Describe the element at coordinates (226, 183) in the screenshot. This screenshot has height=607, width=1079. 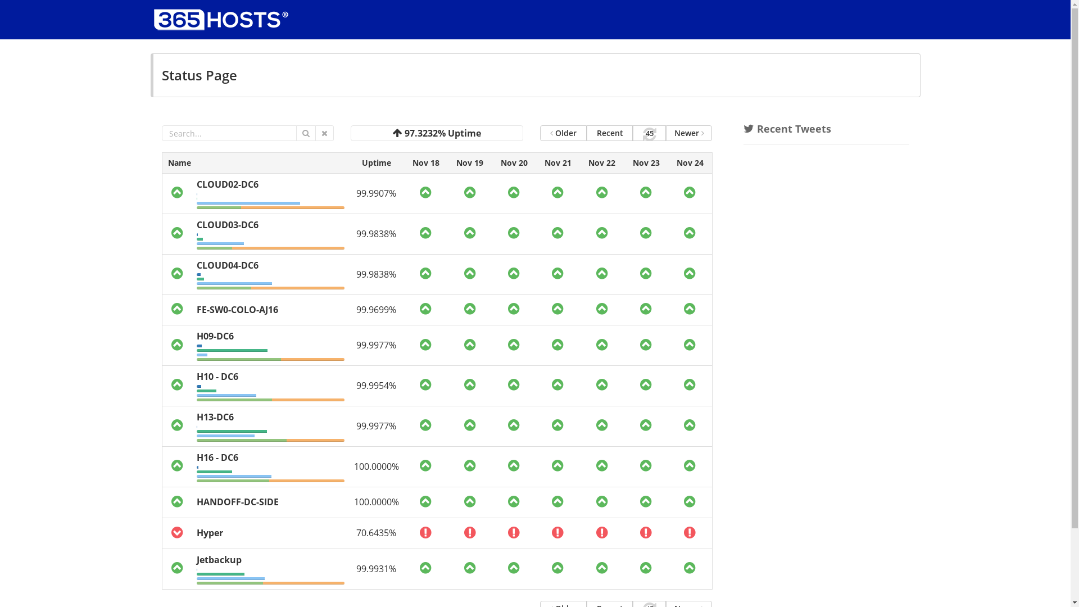
I see `'CLOUD02-DC6'` at that location.